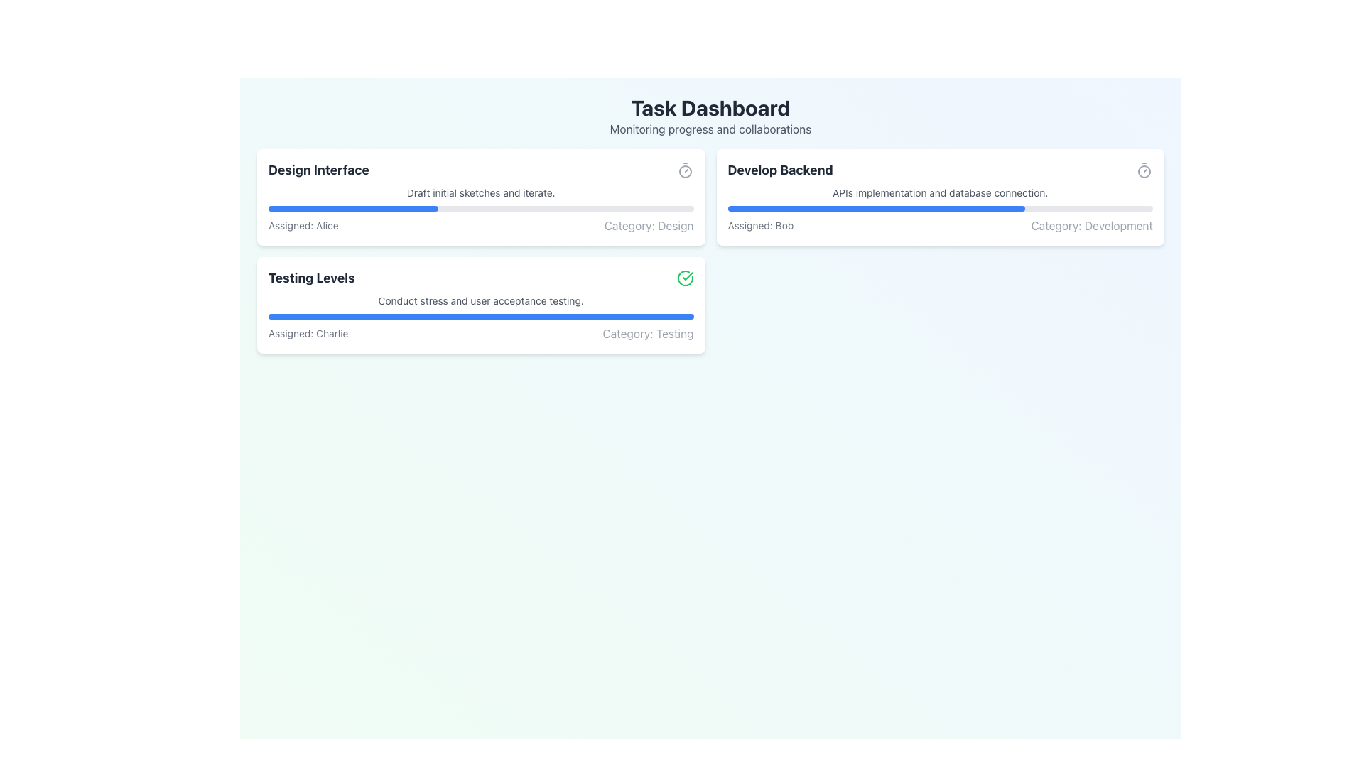 The image size is (1364, 767). What do you see at coordinates (685, 278) in the screenshot?
I see `the icon located to the right of the 'Testing Levels' header` at bounding box center [685, 278].